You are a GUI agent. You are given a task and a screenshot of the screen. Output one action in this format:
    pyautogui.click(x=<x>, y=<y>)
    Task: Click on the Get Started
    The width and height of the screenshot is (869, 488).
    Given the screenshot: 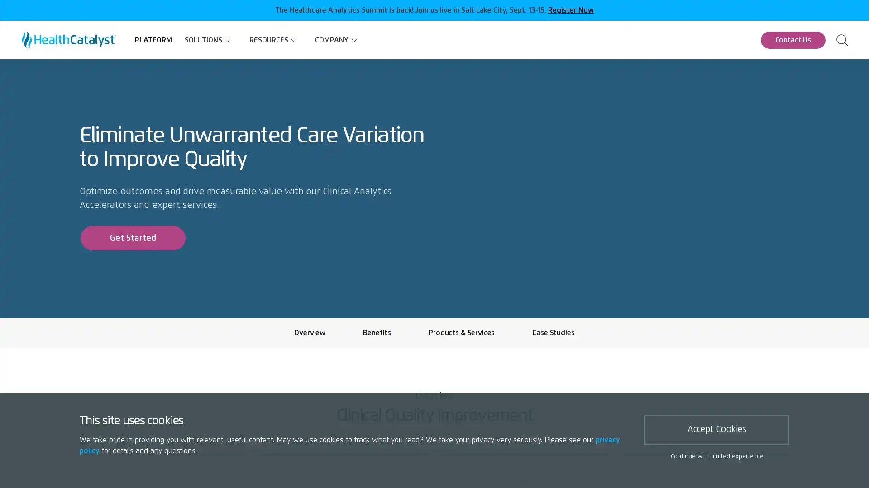 What is the action you would take?
    pyautogui.click(x=132, y=238)
    